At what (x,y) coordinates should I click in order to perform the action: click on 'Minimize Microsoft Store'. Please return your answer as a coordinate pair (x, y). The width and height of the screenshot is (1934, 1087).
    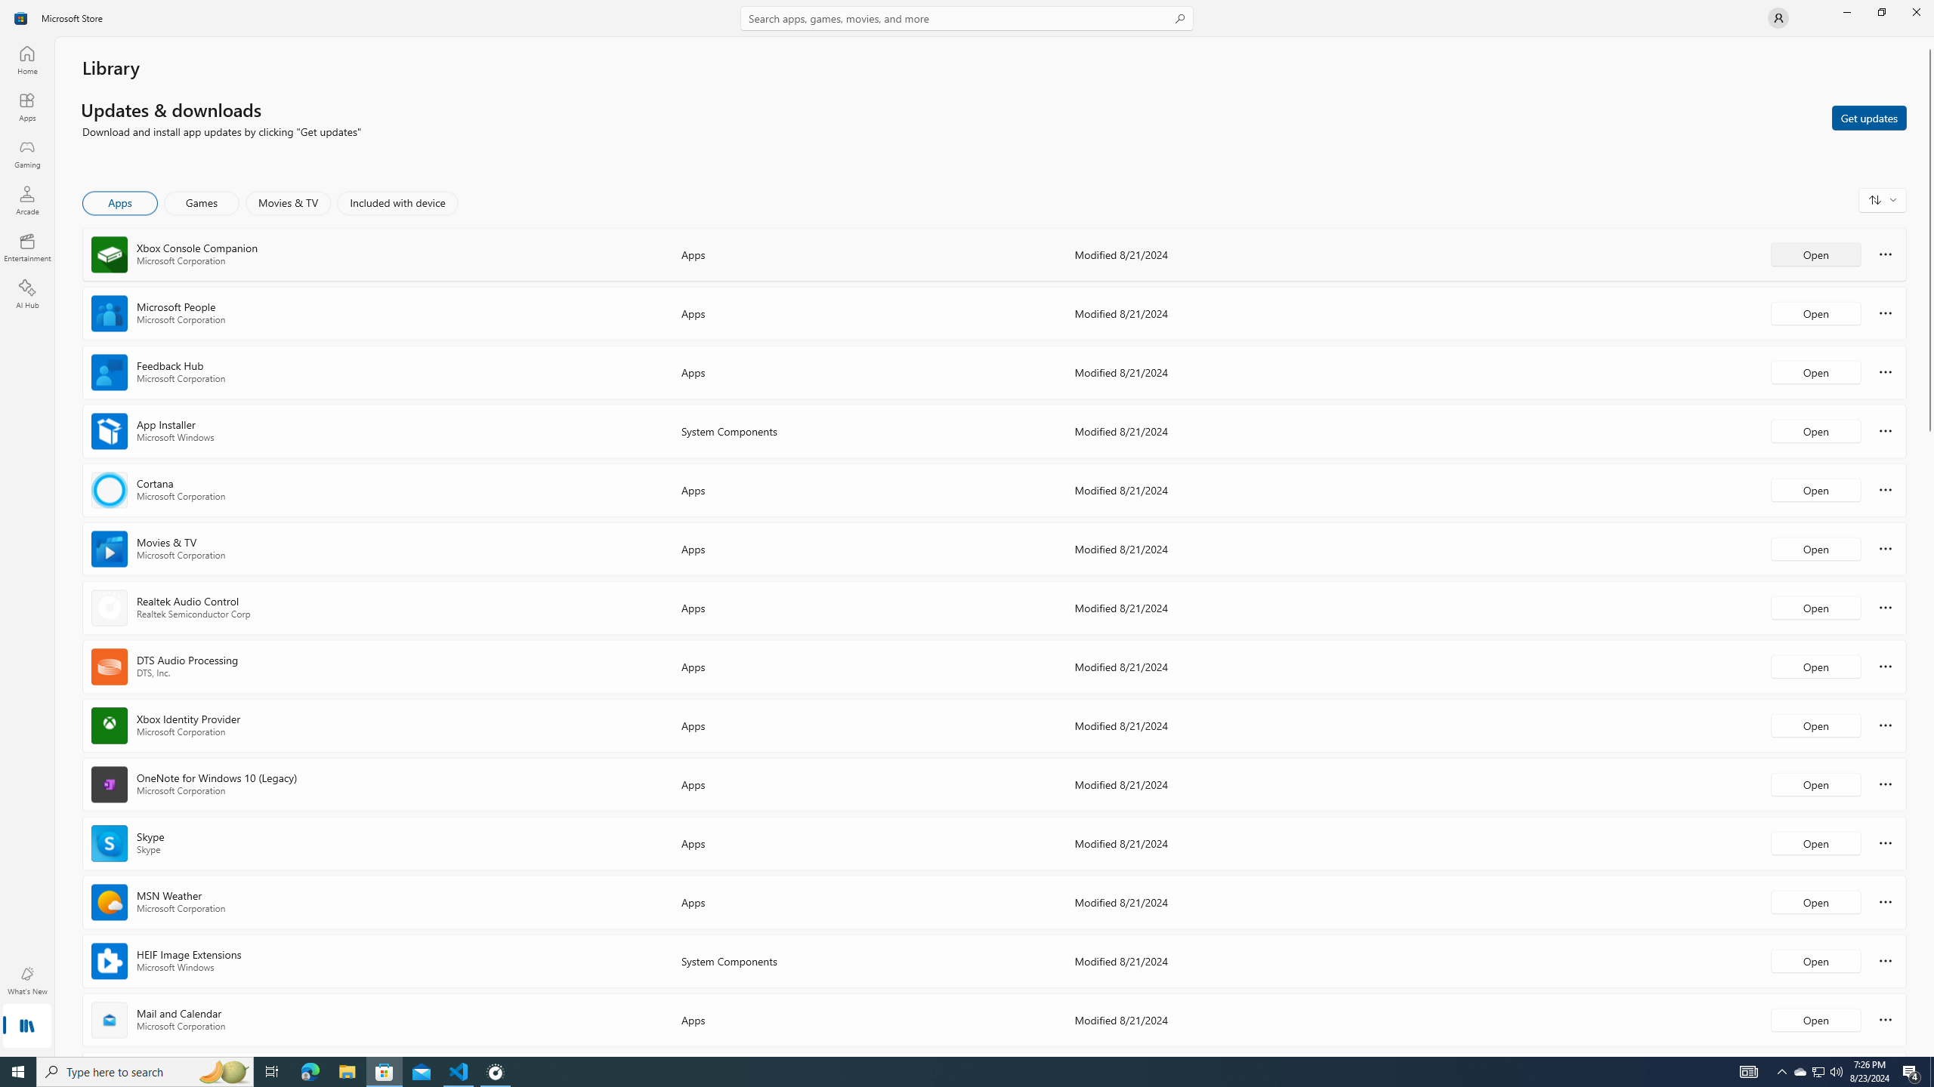
    Looking at the image, I should click on (1846, 11).